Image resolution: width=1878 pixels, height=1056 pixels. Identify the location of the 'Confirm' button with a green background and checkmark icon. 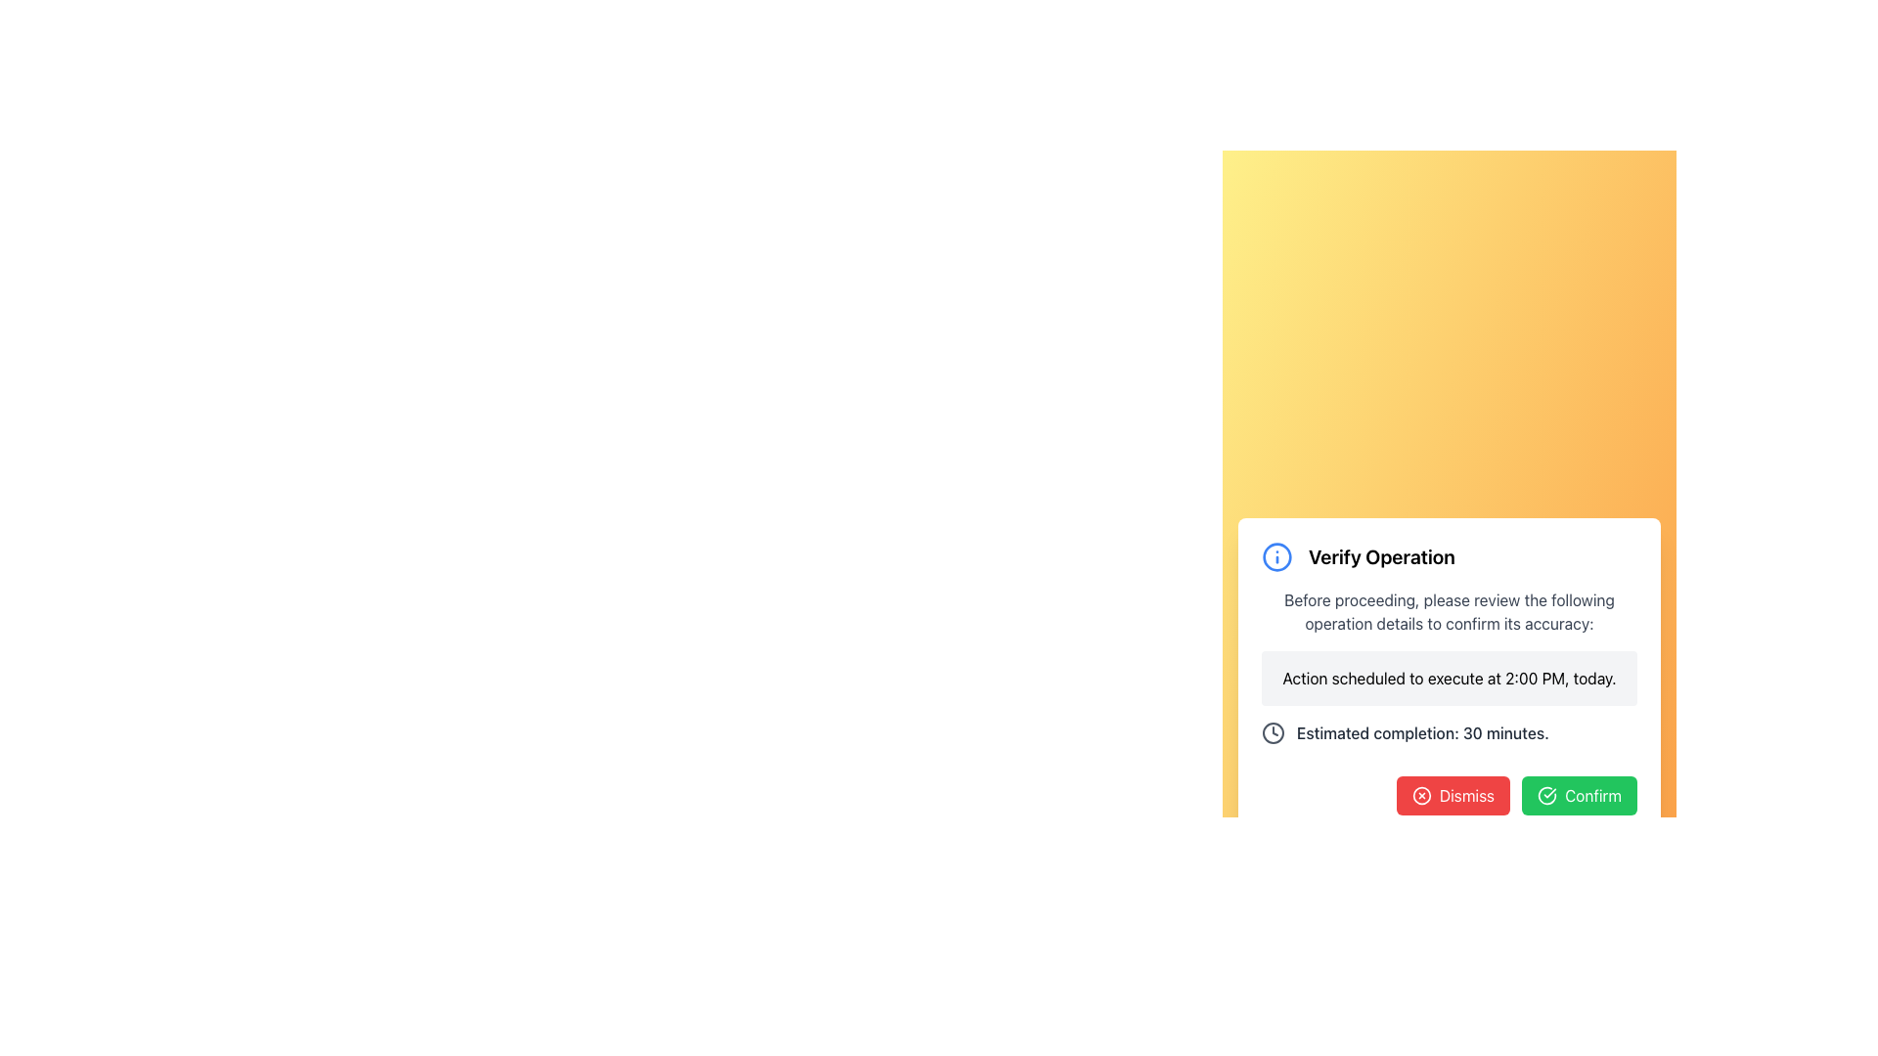
(1580, 795).